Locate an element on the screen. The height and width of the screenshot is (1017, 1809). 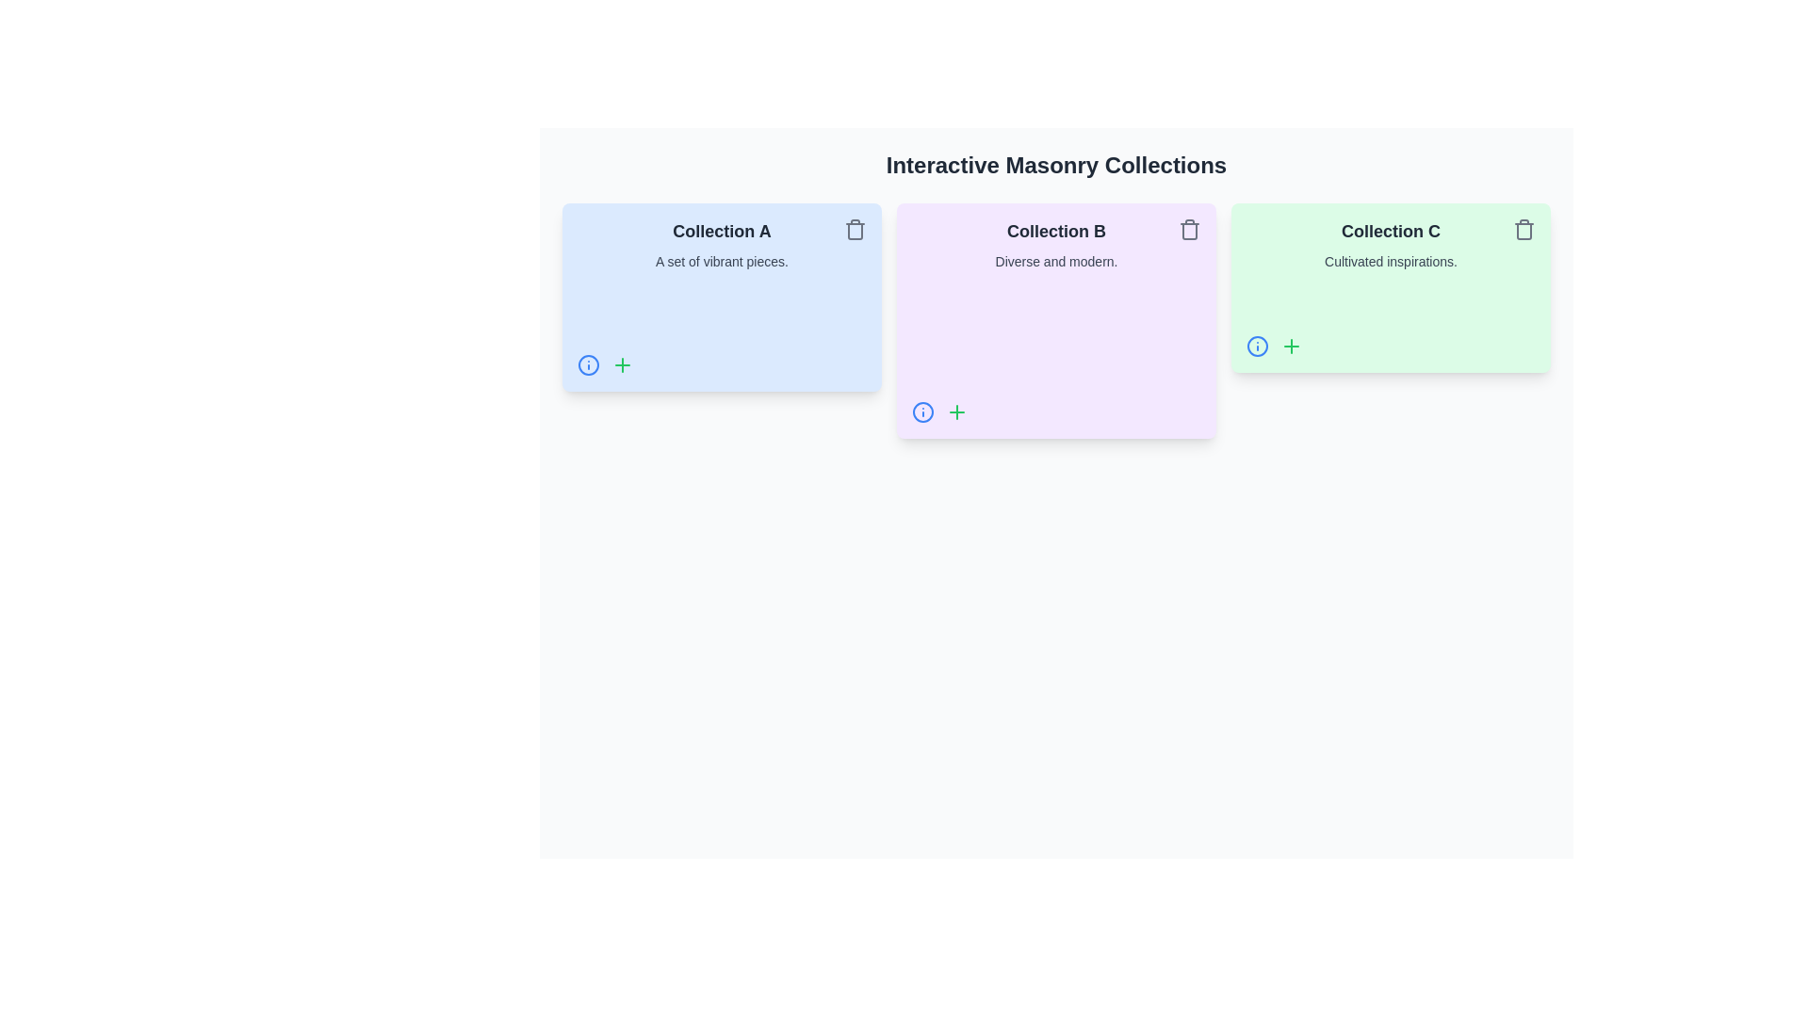
text from the text block displaying 'Collection B' with the subtext 'Diverse and modern.' which is centrally aligned within a rounded rectangular card with a soft purple background is located at coordinates (1056, 243).